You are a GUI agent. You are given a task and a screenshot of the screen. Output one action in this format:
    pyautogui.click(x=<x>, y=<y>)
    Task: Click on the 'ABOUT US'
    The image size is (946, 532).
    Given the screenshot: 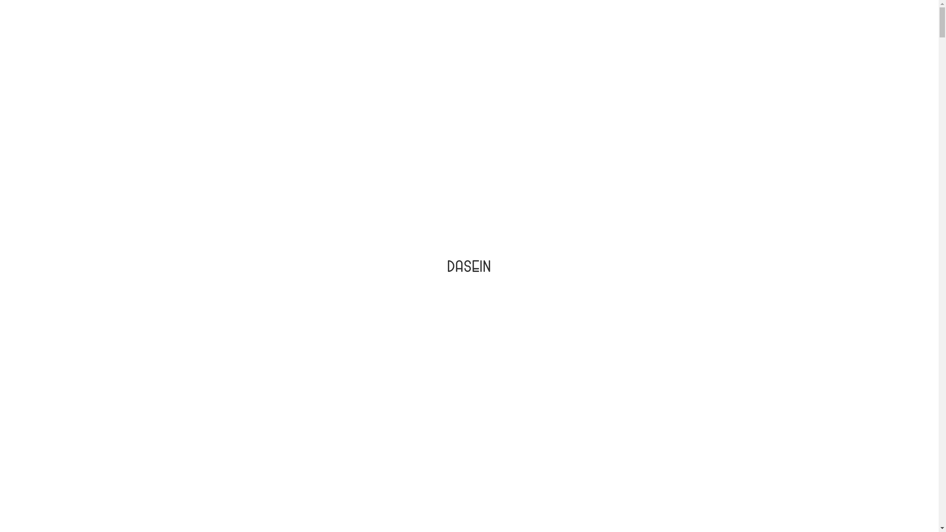 What is the action you would take?
    pyautogui.click(x=542, y=35)
    